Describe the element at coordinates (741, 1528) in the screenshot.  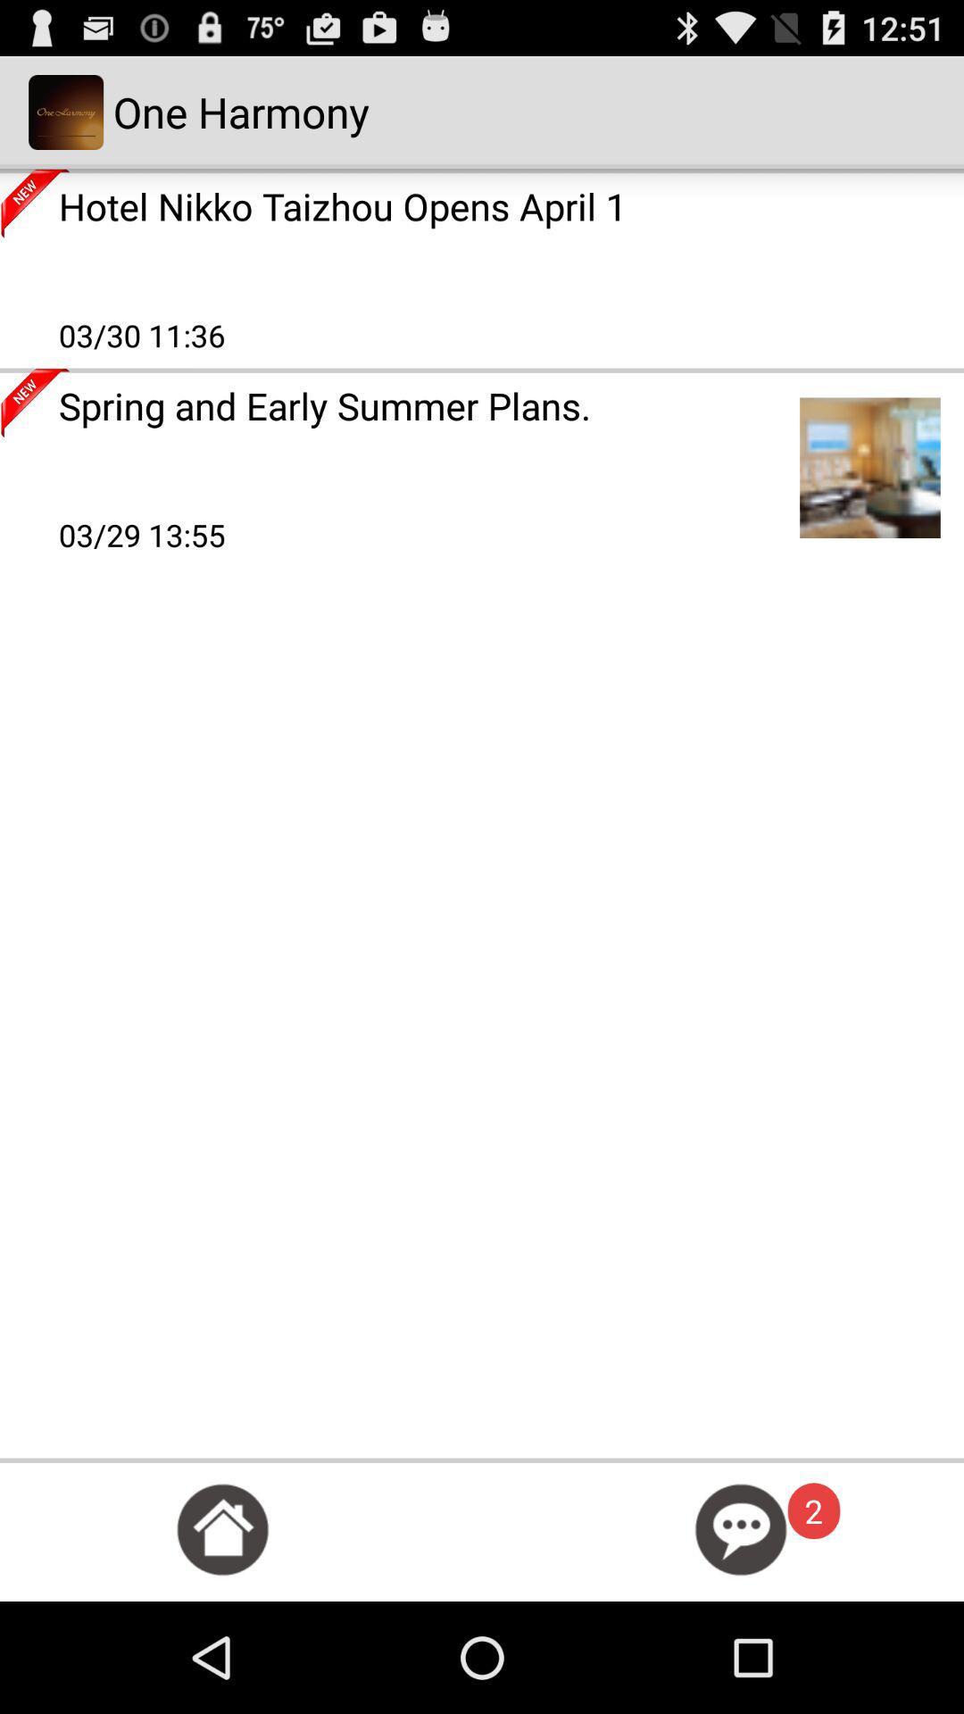
I see `icon next to 2 item` at that location.